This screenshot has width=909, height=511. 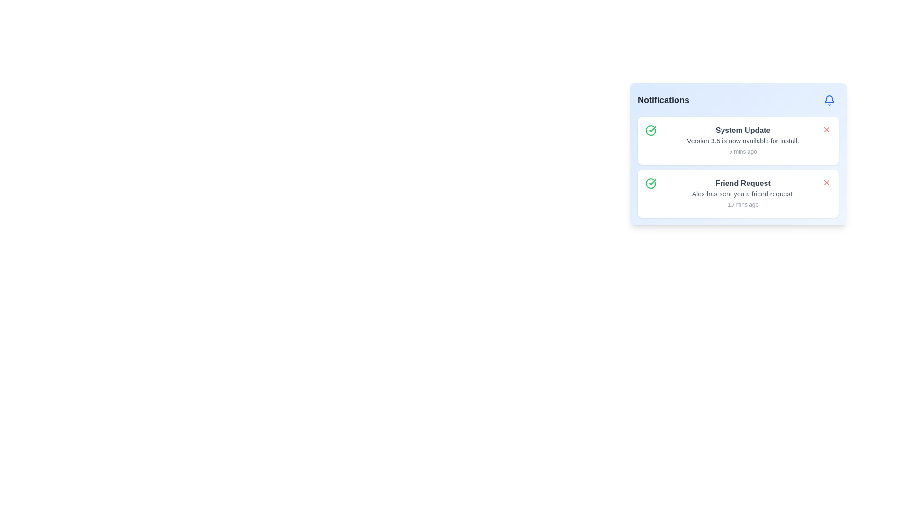 I want to click on details of the second notification card located below the 'System Update' card in the 'Notifications' panel, so click(x=738, y=167).